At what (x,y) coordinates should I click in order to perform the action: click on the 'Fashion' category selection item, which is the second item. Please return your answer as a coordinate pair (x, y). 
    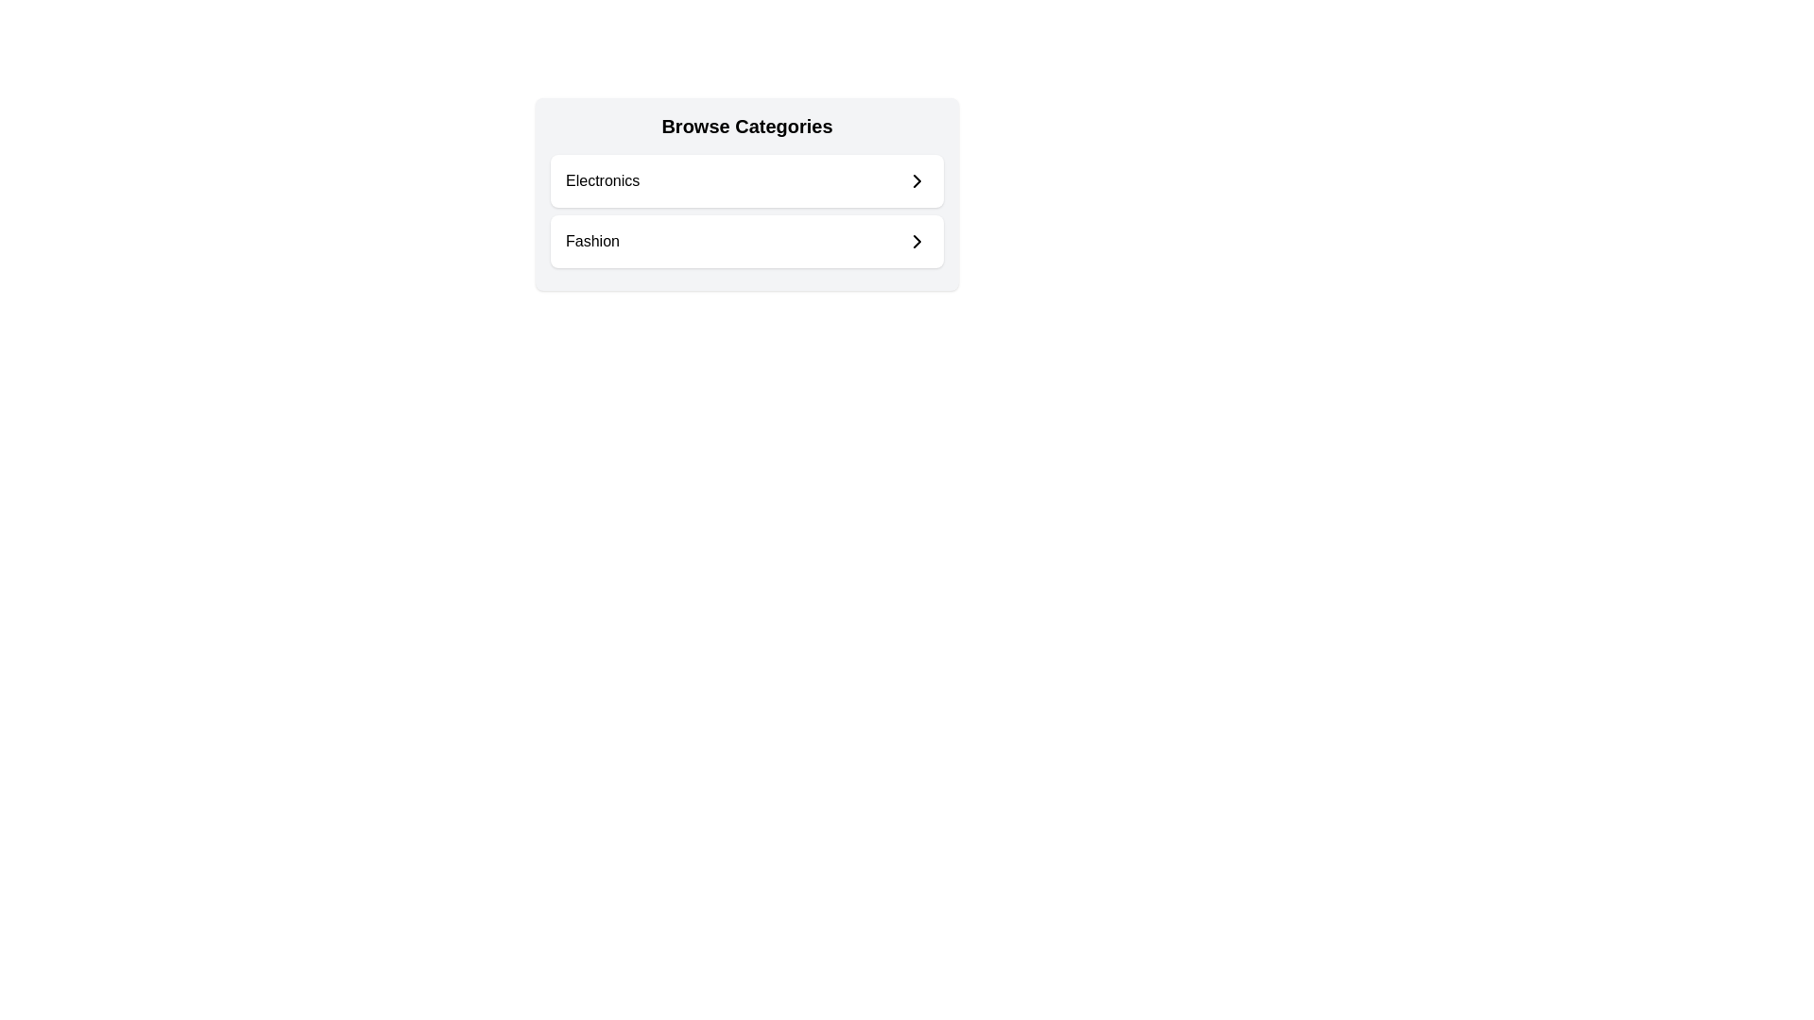
    Looking at the image, I should click on (746, 240).